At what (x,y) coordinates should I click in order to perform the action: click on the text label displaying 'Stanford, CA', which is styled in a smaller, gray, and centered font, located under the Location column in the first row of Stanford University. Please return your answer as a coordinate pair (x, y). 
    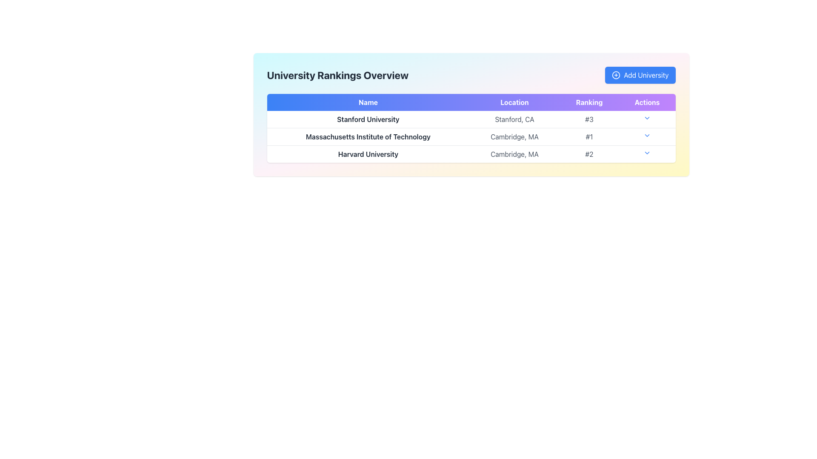
    Looking at the image, I should click on (514, 119).